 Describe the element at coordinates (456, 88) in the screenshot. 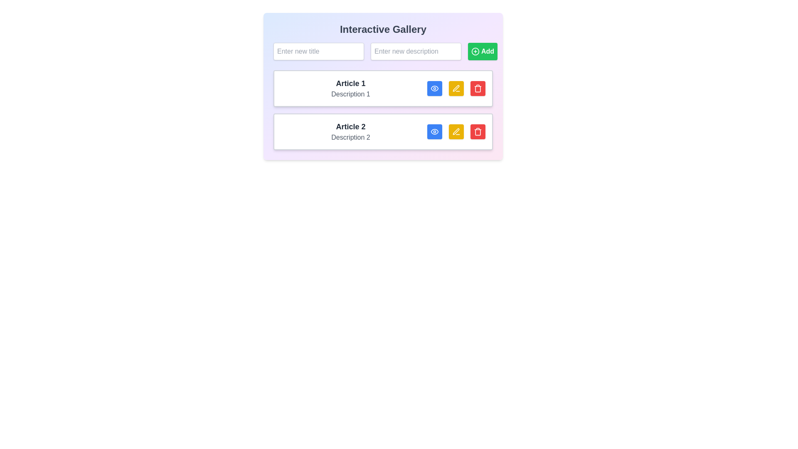

I see `the edit icon button located between the blue eye icon and the red trash bin icon to initiate editing for 'Article 1'` at that location.